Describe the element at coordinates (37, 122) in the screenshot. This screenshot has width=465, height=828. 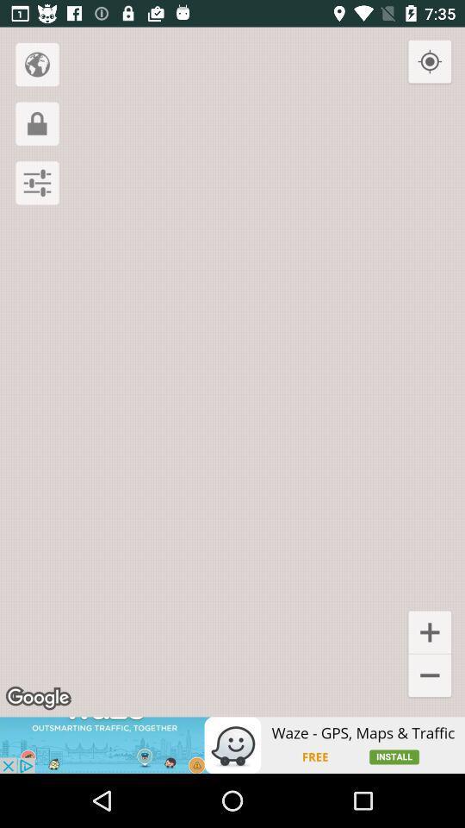
I see `looke` at that location.